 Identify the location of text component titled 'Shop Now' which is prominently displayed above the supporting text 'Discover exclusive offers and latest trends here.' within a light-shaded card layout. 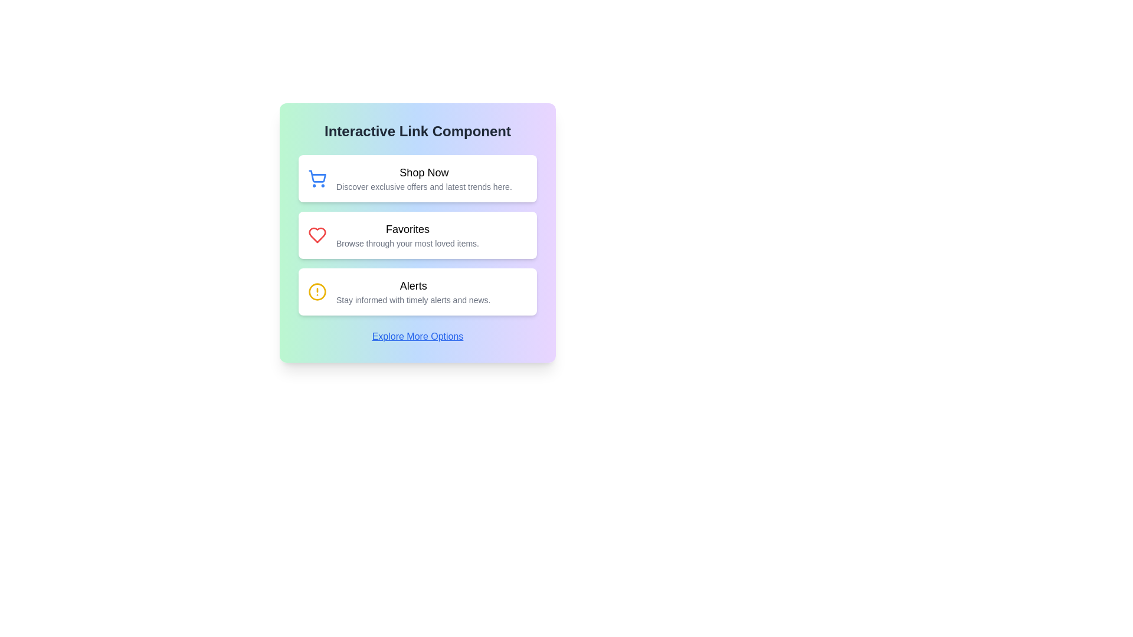
(424, 179).